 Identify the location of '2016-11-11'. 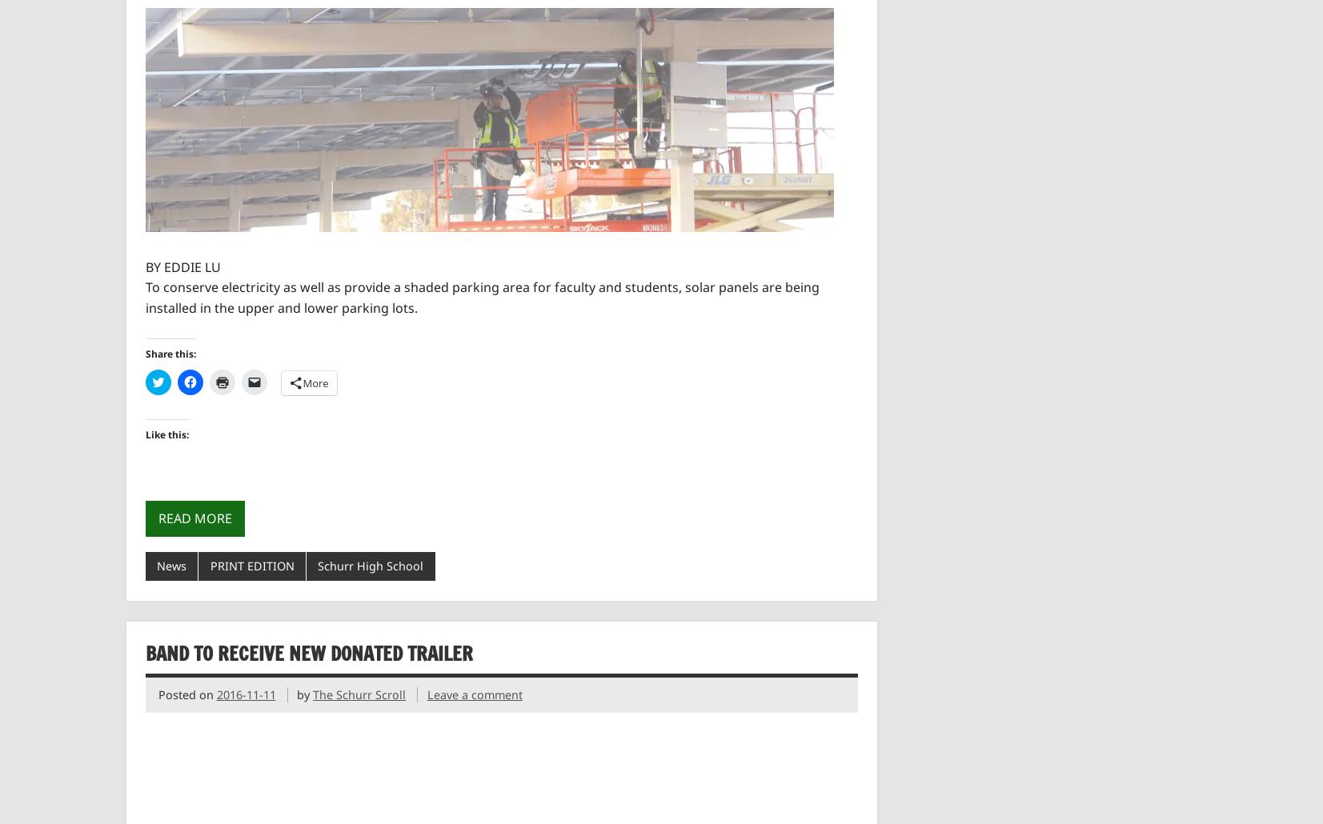
(244, 694).